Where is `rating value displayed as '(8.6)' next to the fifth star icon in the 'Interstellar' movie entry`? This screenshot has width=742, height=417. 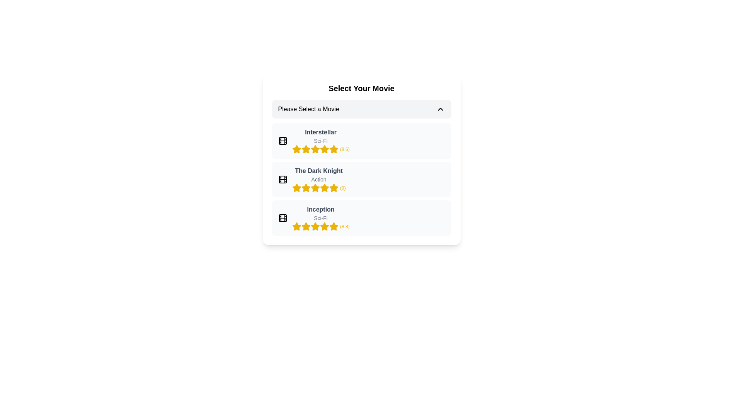
rating value displayed as '(8.6)' next to the fifth star icon in the 'Interstellar' movie entry is located at coordinates (344, 149).